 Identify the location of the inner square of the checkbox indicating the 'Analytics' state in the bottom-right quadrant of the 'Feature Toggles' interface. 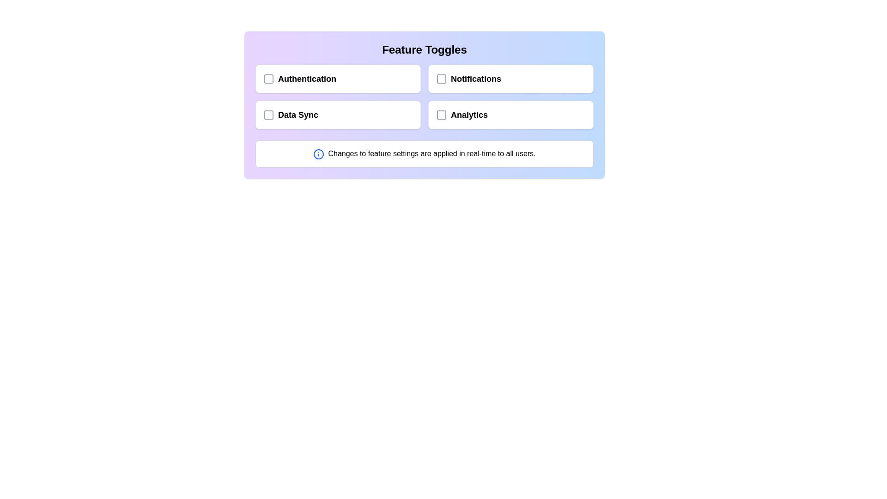
(441, 115).